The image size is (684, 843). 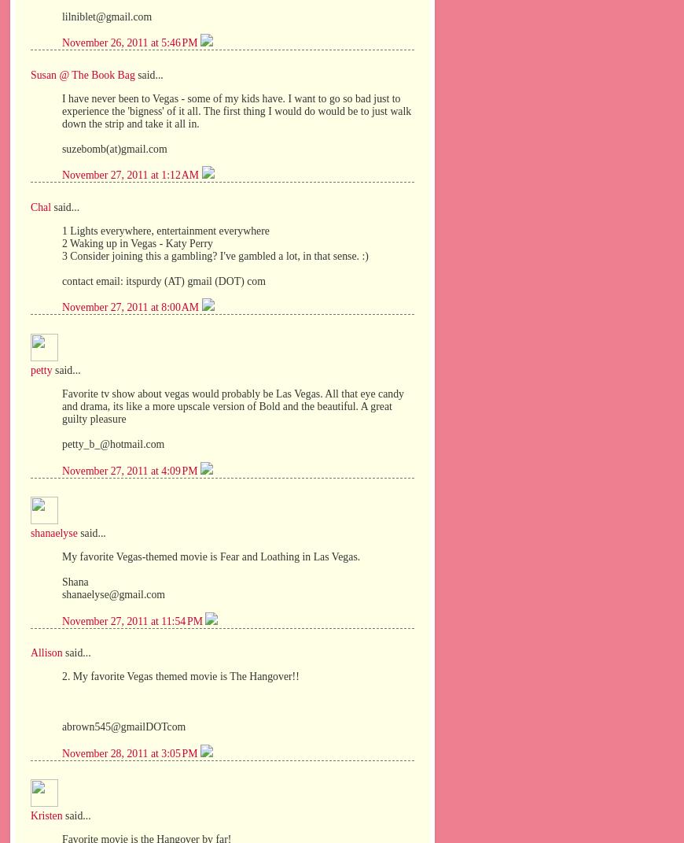 I want to click on 'Favorite tv show about vegas would probably be Las Vegas. All that eye candy and drama, its like a more upscale version of Bold and the beautiful. A great guilty pleasure', so click(x=233, y=405).